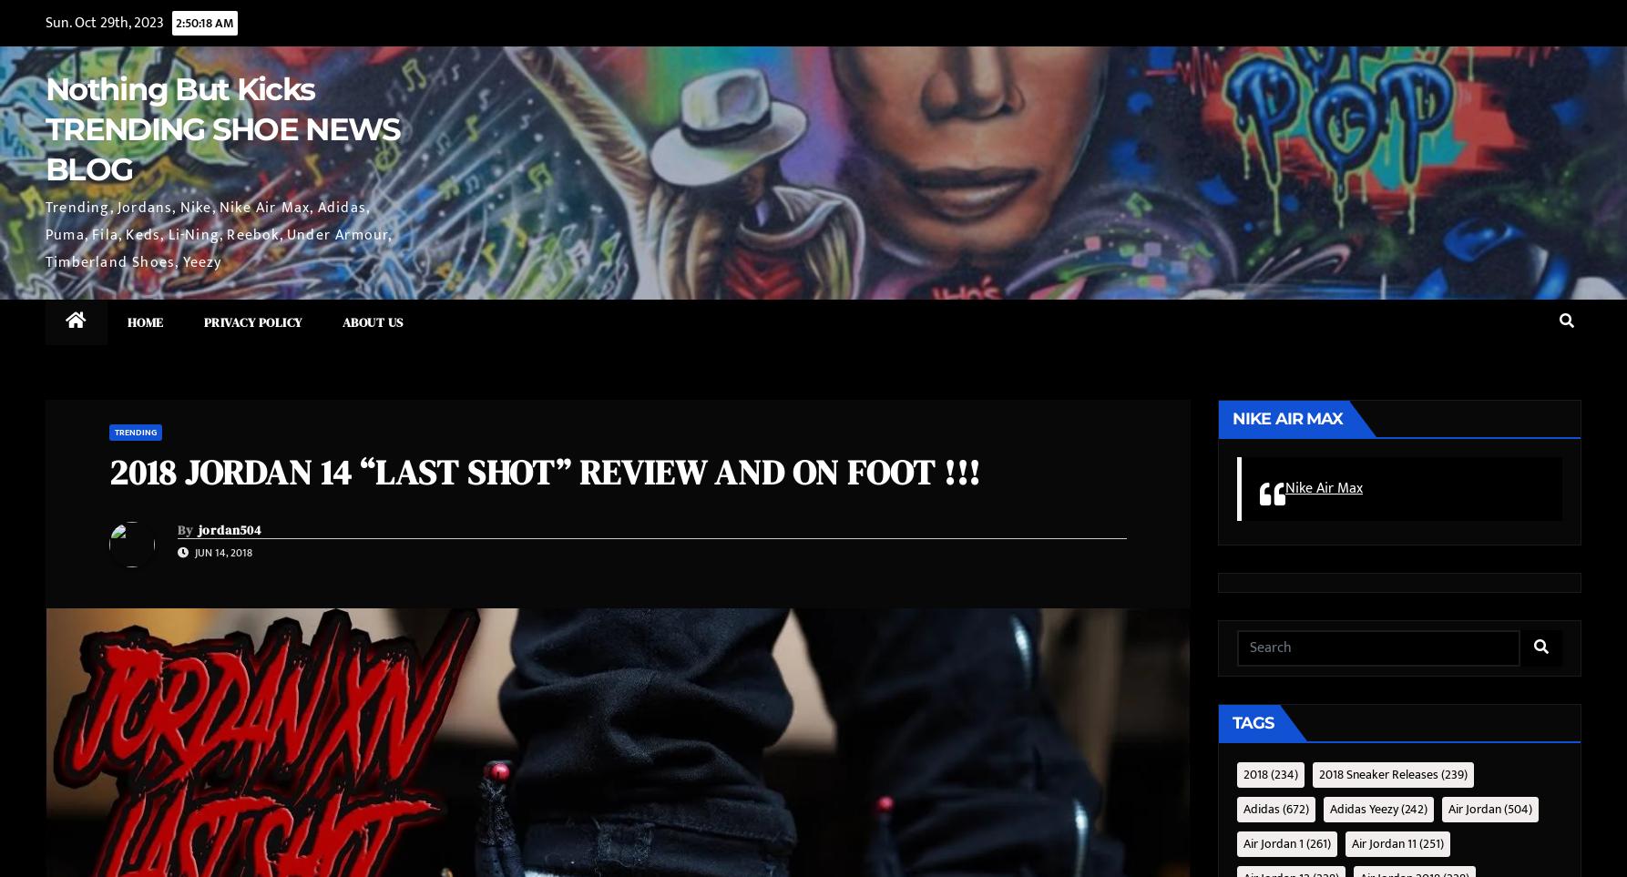  Describe the element at coordinates (1378, 773) in the screenshot. I see `'2018 sneaker releases'` at that location.